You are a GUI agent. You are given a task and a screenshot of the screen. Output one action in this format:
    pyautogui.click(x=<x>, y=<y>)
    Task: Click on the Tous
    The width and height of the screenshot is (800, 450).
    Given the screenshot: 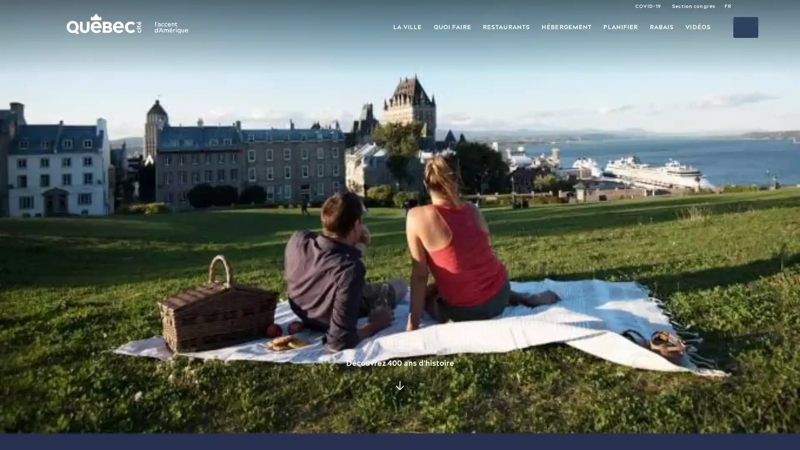 What is the action you would take?
    pyautogui.click(x=773, y=59)
    